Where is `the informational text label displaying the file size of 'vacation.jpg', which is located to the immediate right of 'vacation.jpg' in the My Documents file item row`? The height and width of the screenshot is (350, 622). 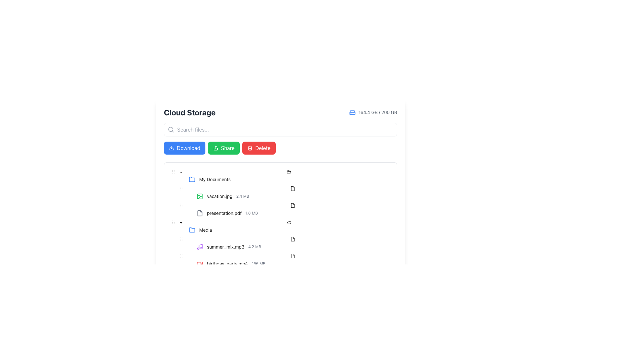 the informational text label displaying the file size of 'vacation.jpg', which is located to the immediate right of 'vacation.jpg' in the My Documents file item row is located at coordinates (242, 196).